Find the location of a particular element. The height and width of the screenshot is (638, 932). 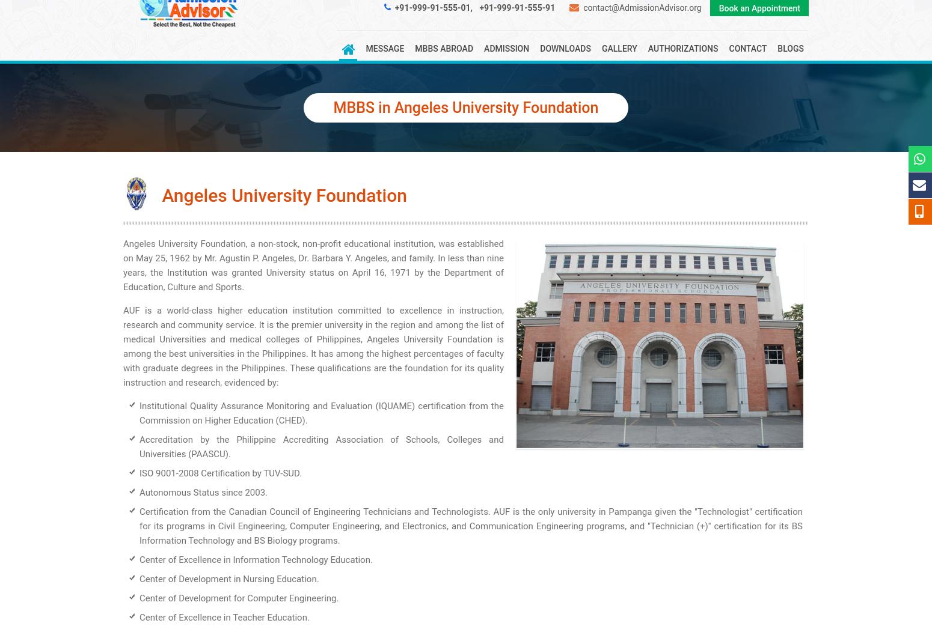

'ISO 9001-2008 Certification by TUV-SUD.' is located at coordinates (220, 473).